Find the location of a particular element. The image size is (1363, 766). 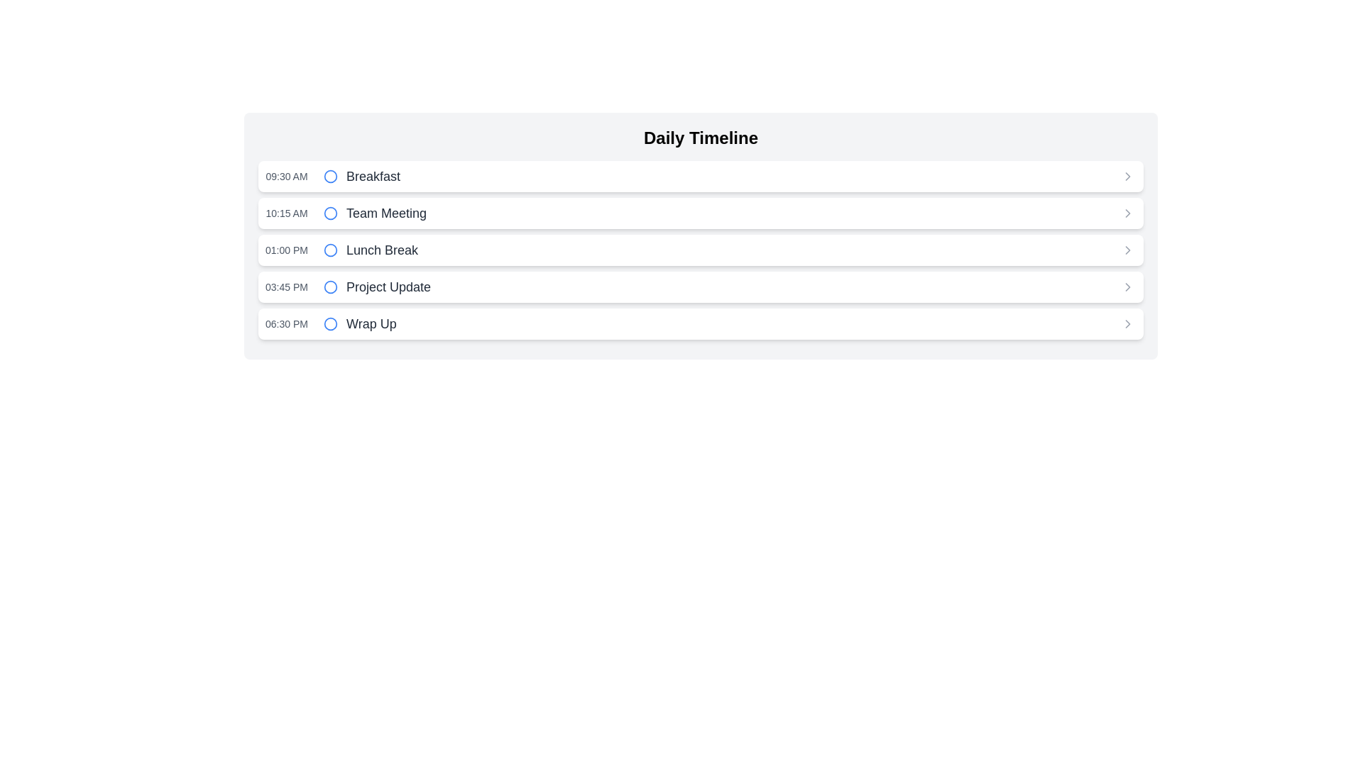

the text label that describes the event name for the timeline entry at 01:00 PM, located to the right of the circular blue icon is located at coordinates (382, 250).